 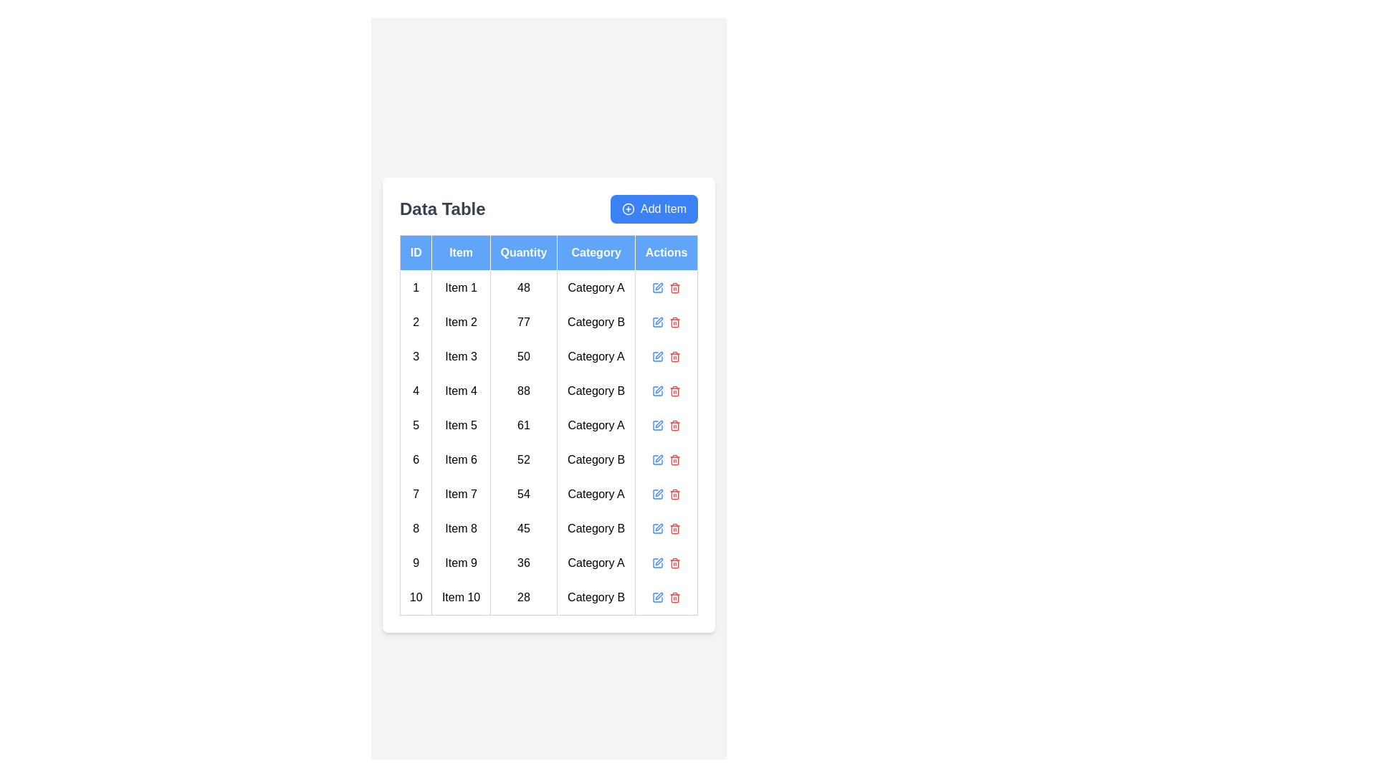 What do you see at coordinates (461, 355) in the screenshot?
I see `text displayed in the 'Item 3' text label located in the third row of the data table` at bounding box center [461, 355].